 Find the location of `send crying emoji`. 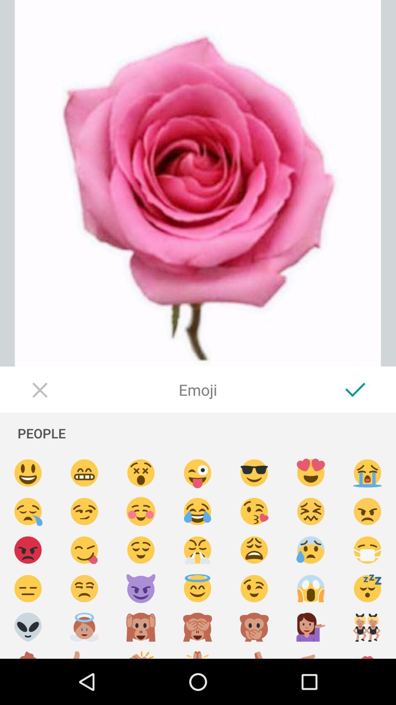

send crying emoji is located at coordinates (367, 473).